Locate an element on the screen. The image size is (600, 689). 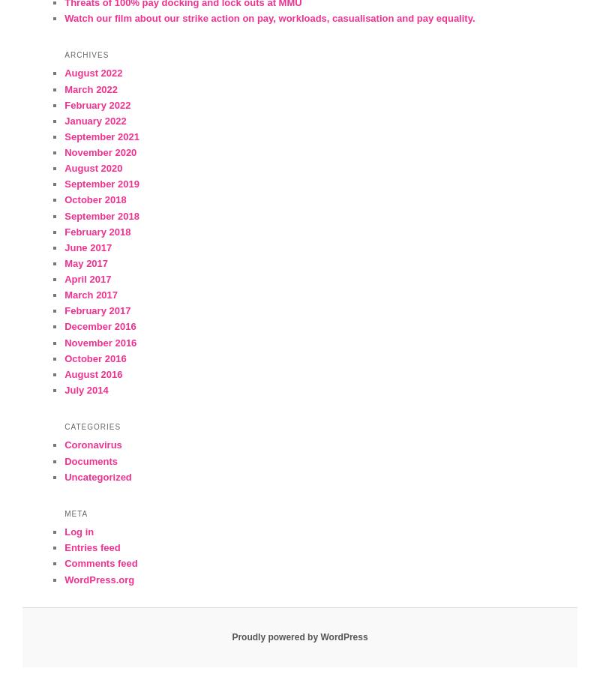
'November 2016' is located at coordinates (100, 342).